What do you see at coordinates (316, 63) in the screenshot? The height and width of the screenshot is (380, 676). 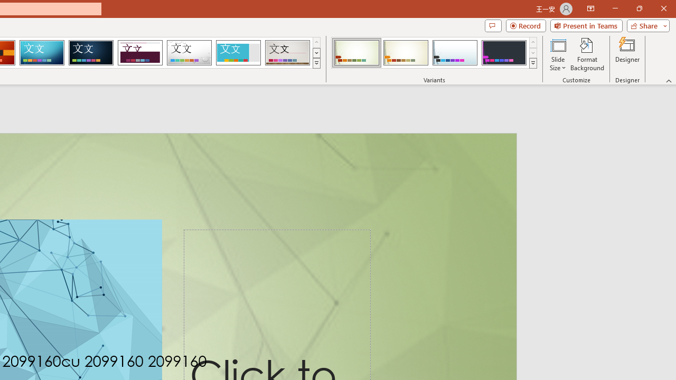 I see `'Themes'` at bounding box center [316, 63].